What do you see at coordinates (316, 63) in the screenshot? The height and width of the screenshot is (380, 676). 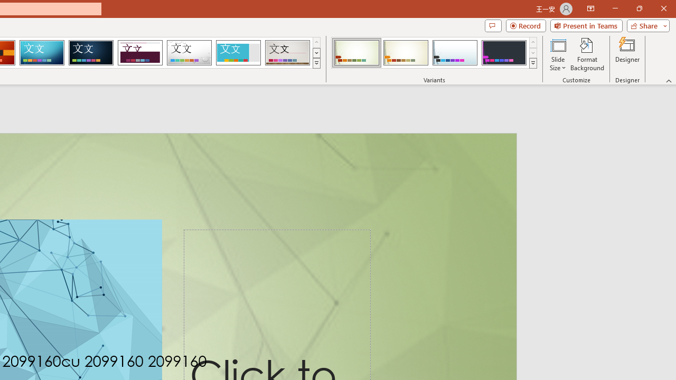 I see `'Themes'` at bounding box center [316, 63].